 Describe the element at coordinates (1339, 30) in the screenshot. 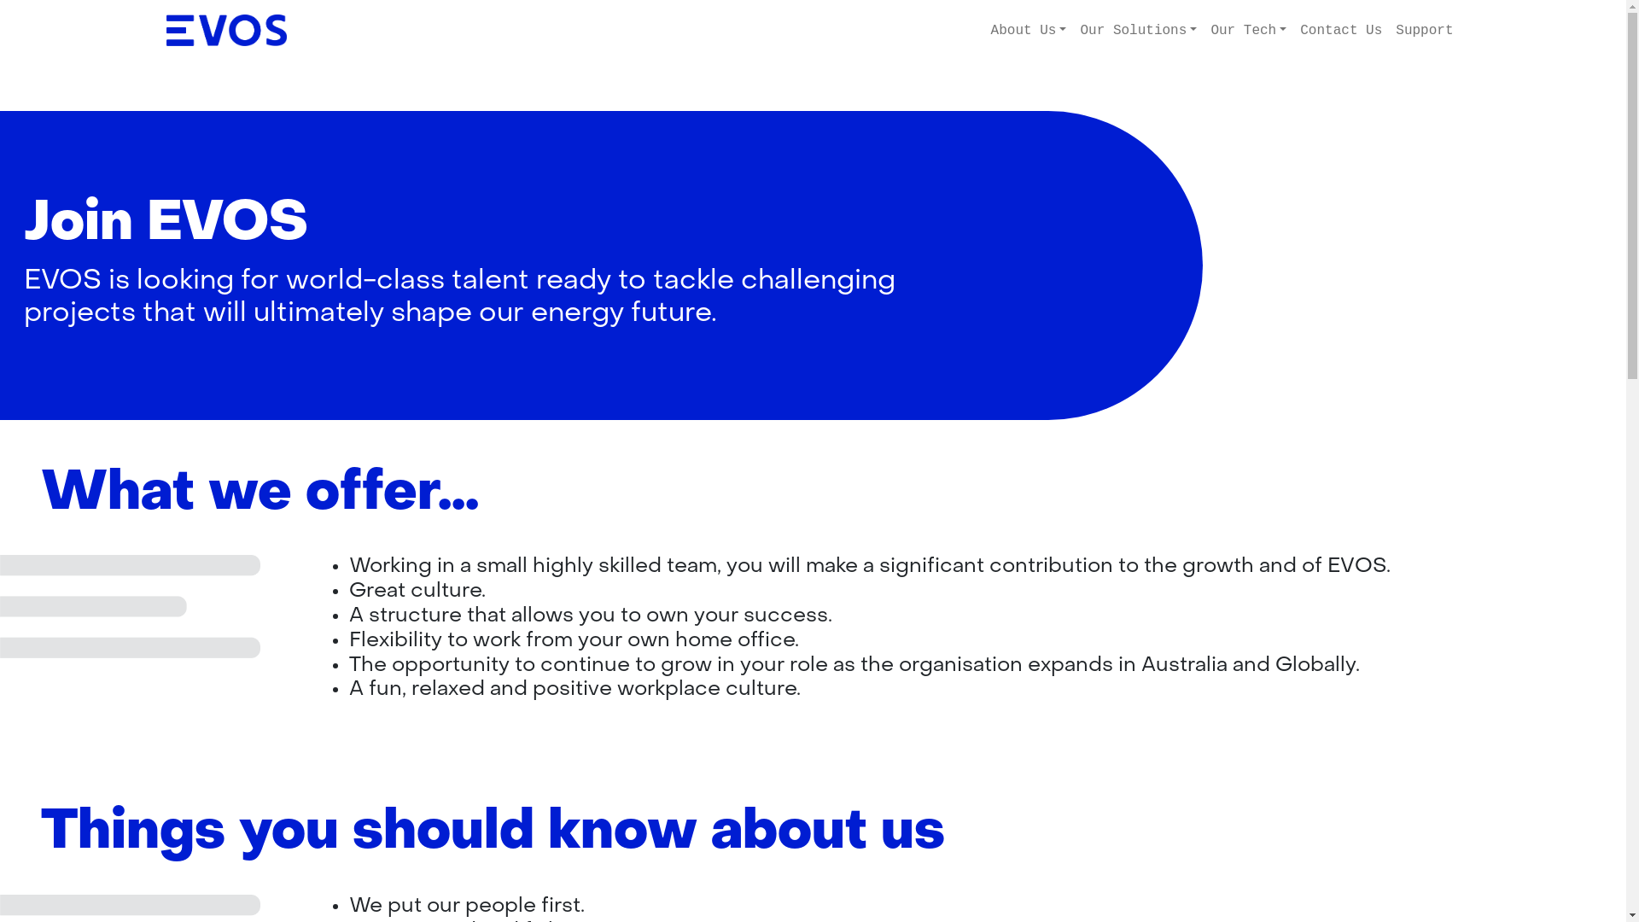

I see `'Contact Us'` at that location.